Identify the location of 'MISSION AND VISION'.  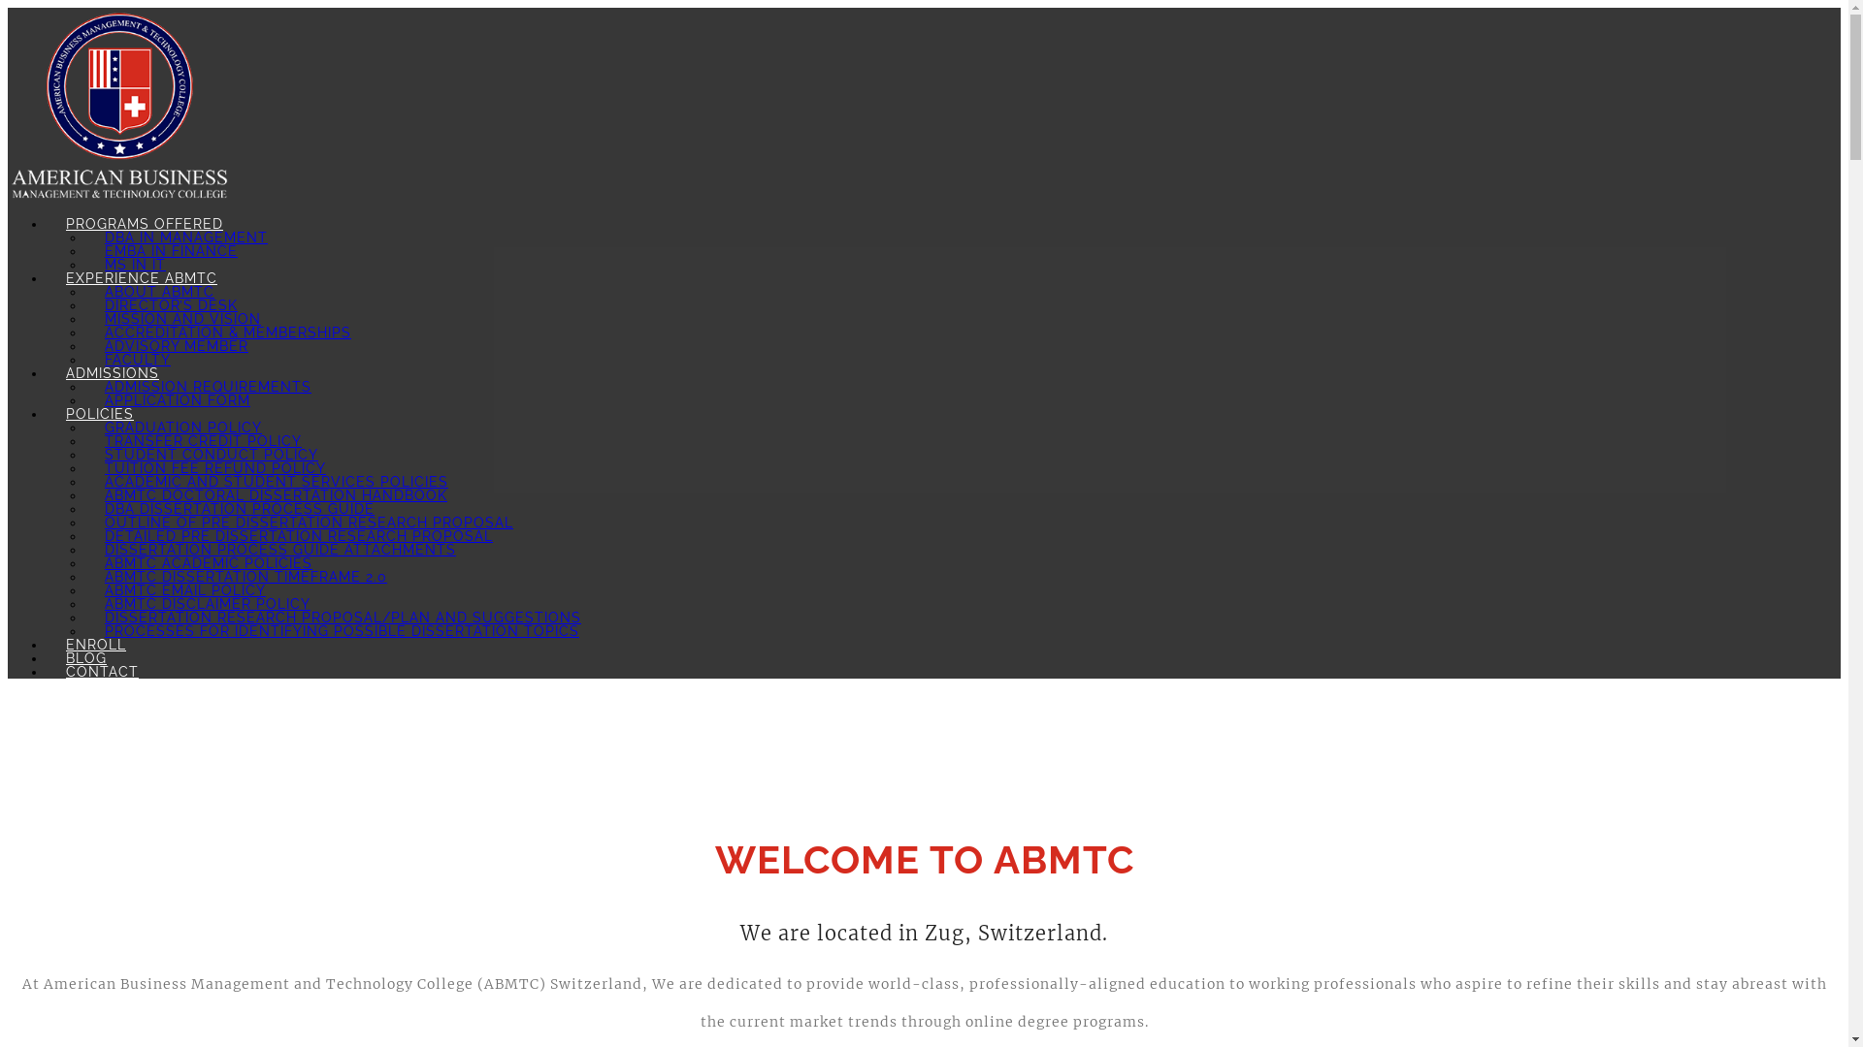
(83, 317).